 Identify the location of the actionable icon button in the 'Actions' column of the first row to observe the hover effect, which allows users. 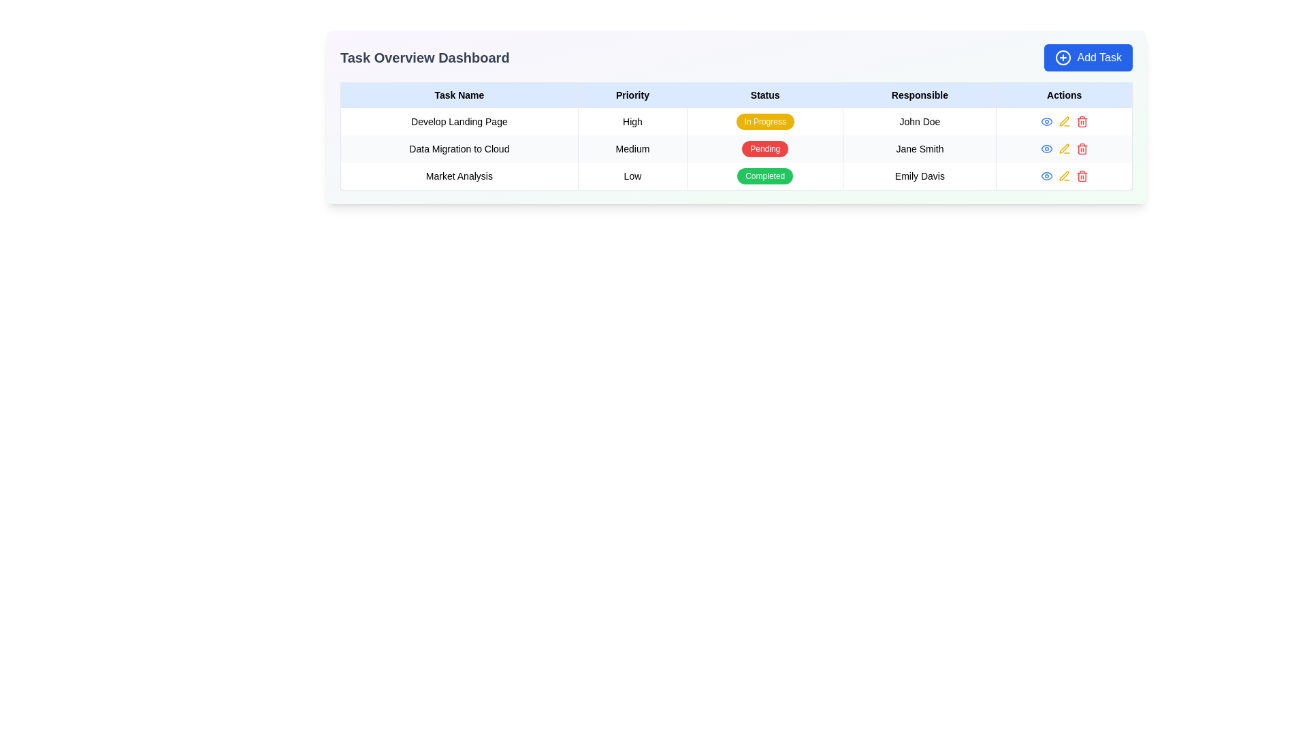
(1046, 175).